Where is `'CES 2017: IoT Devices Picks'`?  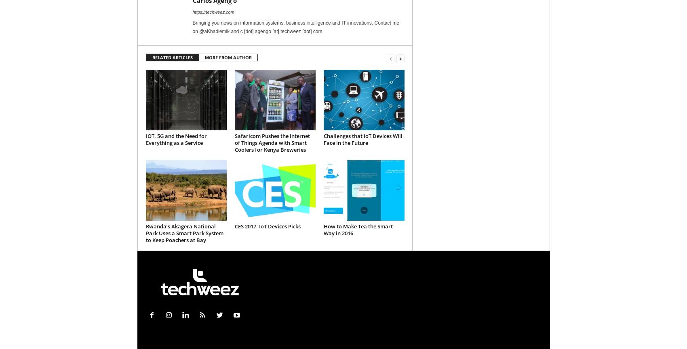
'CES 2017: IoT Devices Picks' is located at coordinates (234, 226).